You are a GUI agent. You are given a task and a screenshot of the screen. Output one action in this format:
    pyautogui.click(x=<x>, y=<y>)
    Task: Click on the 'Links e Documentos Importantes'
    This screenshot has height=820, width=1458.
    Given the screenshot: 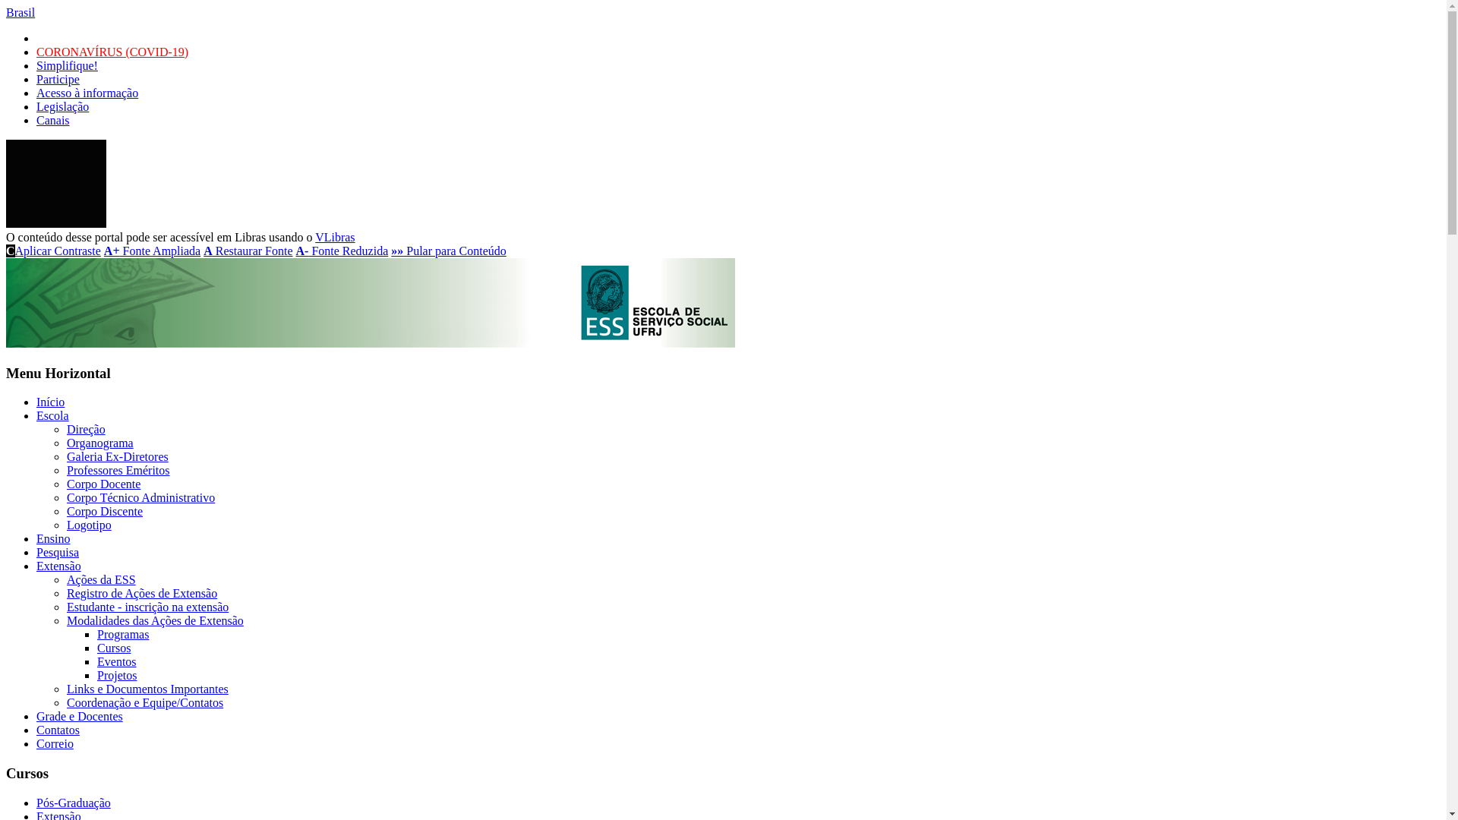 What is the action you would take?
    pyautogui.click(x=147, y=689)
    